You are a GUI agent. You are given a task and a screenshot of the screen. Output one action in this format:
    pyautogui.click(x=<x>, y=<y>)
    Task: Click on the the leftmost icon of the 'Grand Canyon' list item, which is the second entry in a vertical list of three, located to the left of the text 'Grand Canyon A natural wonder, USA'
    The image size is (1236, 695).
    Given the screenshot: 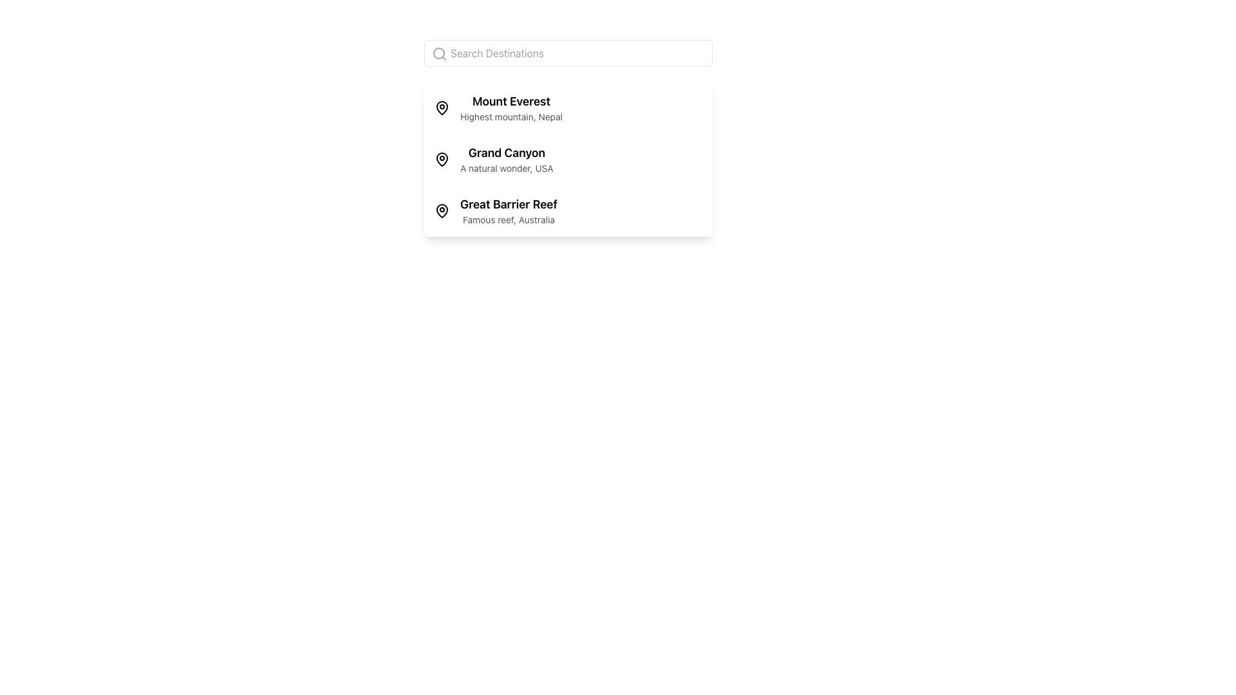 What is the action you would take?
    pyautogui.click(x=442, y=158)
    